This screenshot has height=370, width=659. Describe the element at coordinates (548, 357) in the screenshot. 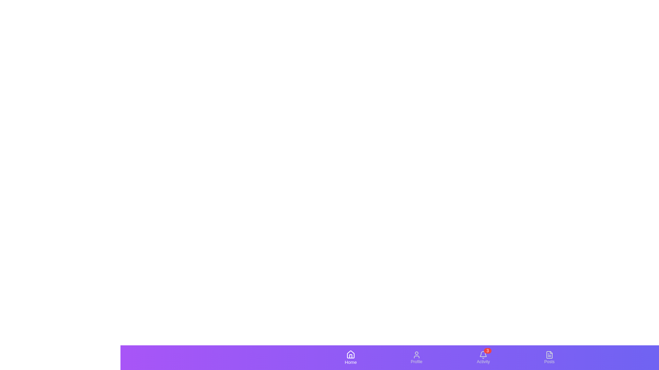

I see `the Posts tab by clicking on its icon` at that location.